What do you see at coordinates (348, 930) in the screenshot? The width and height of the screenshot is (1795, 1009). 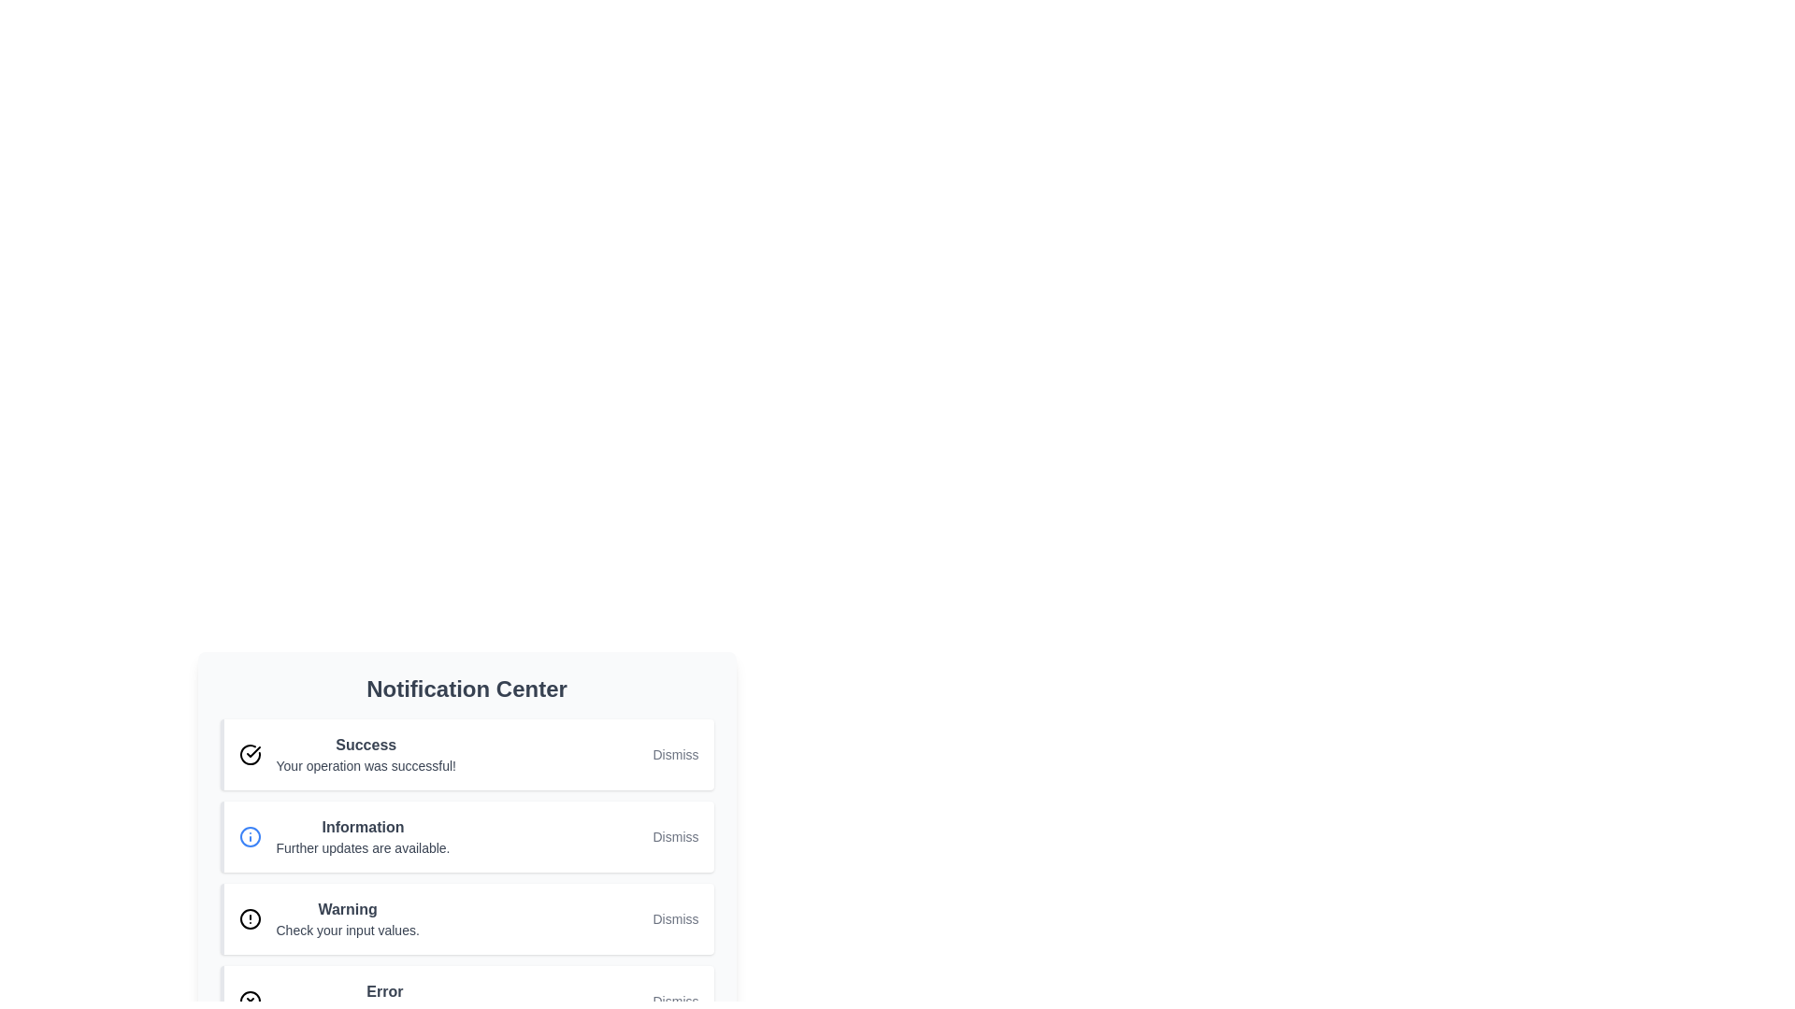 I see `text content of the explanatory Text label located beneath the 'Warning' notification in the interface` at bounding box center [348, 930].